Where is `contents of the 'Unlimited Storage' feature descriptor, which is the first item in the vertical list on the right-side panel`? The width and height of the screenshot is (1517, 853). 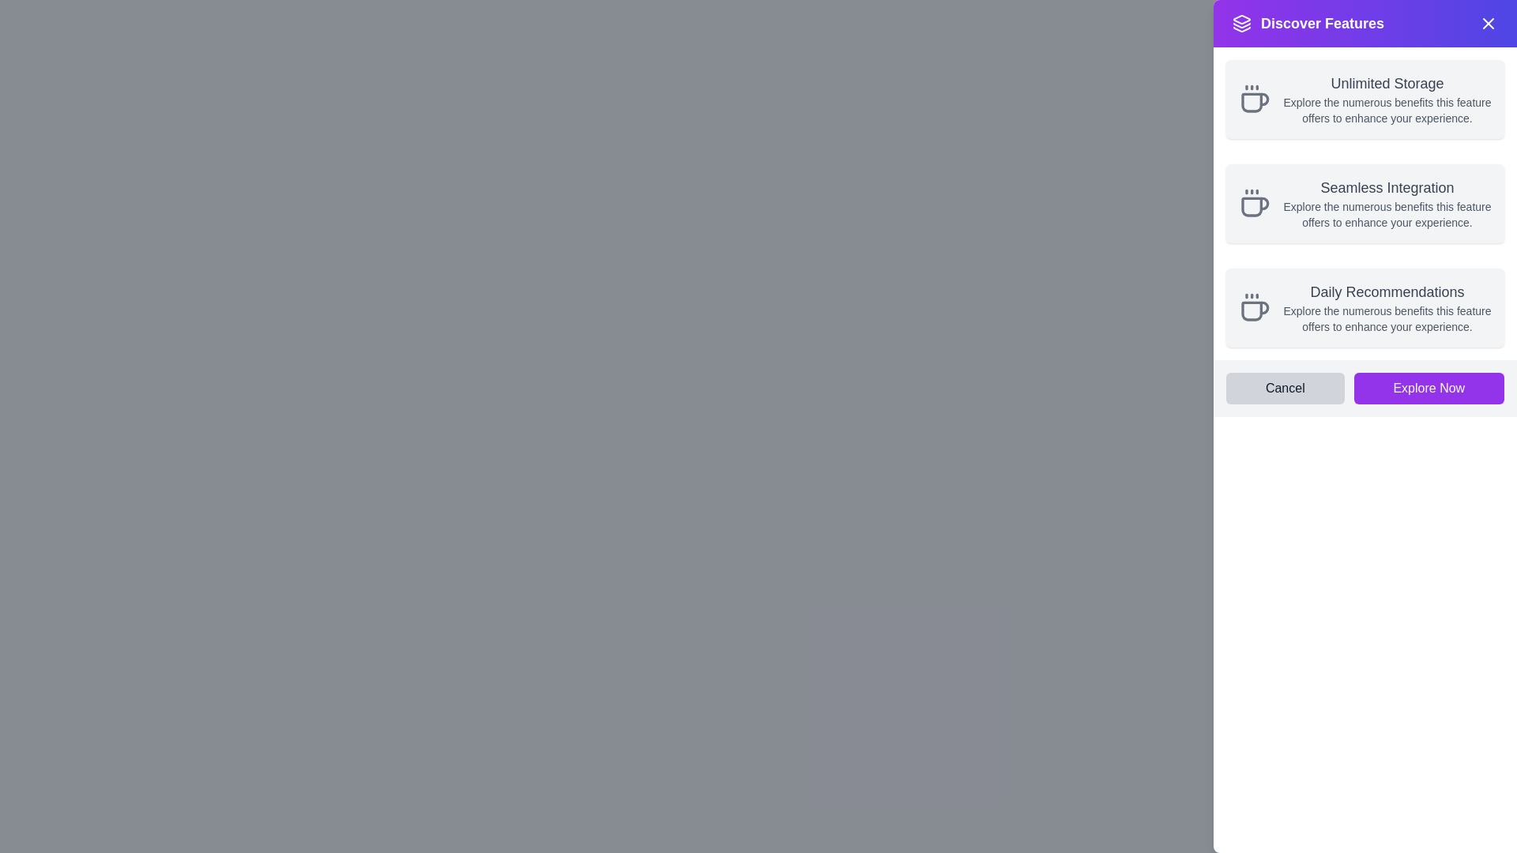 contents of the 'Unlimited Storage' feature descriptor, which is the first item in the vertical list on the right-side panel is located at coordinates (1387, 100).